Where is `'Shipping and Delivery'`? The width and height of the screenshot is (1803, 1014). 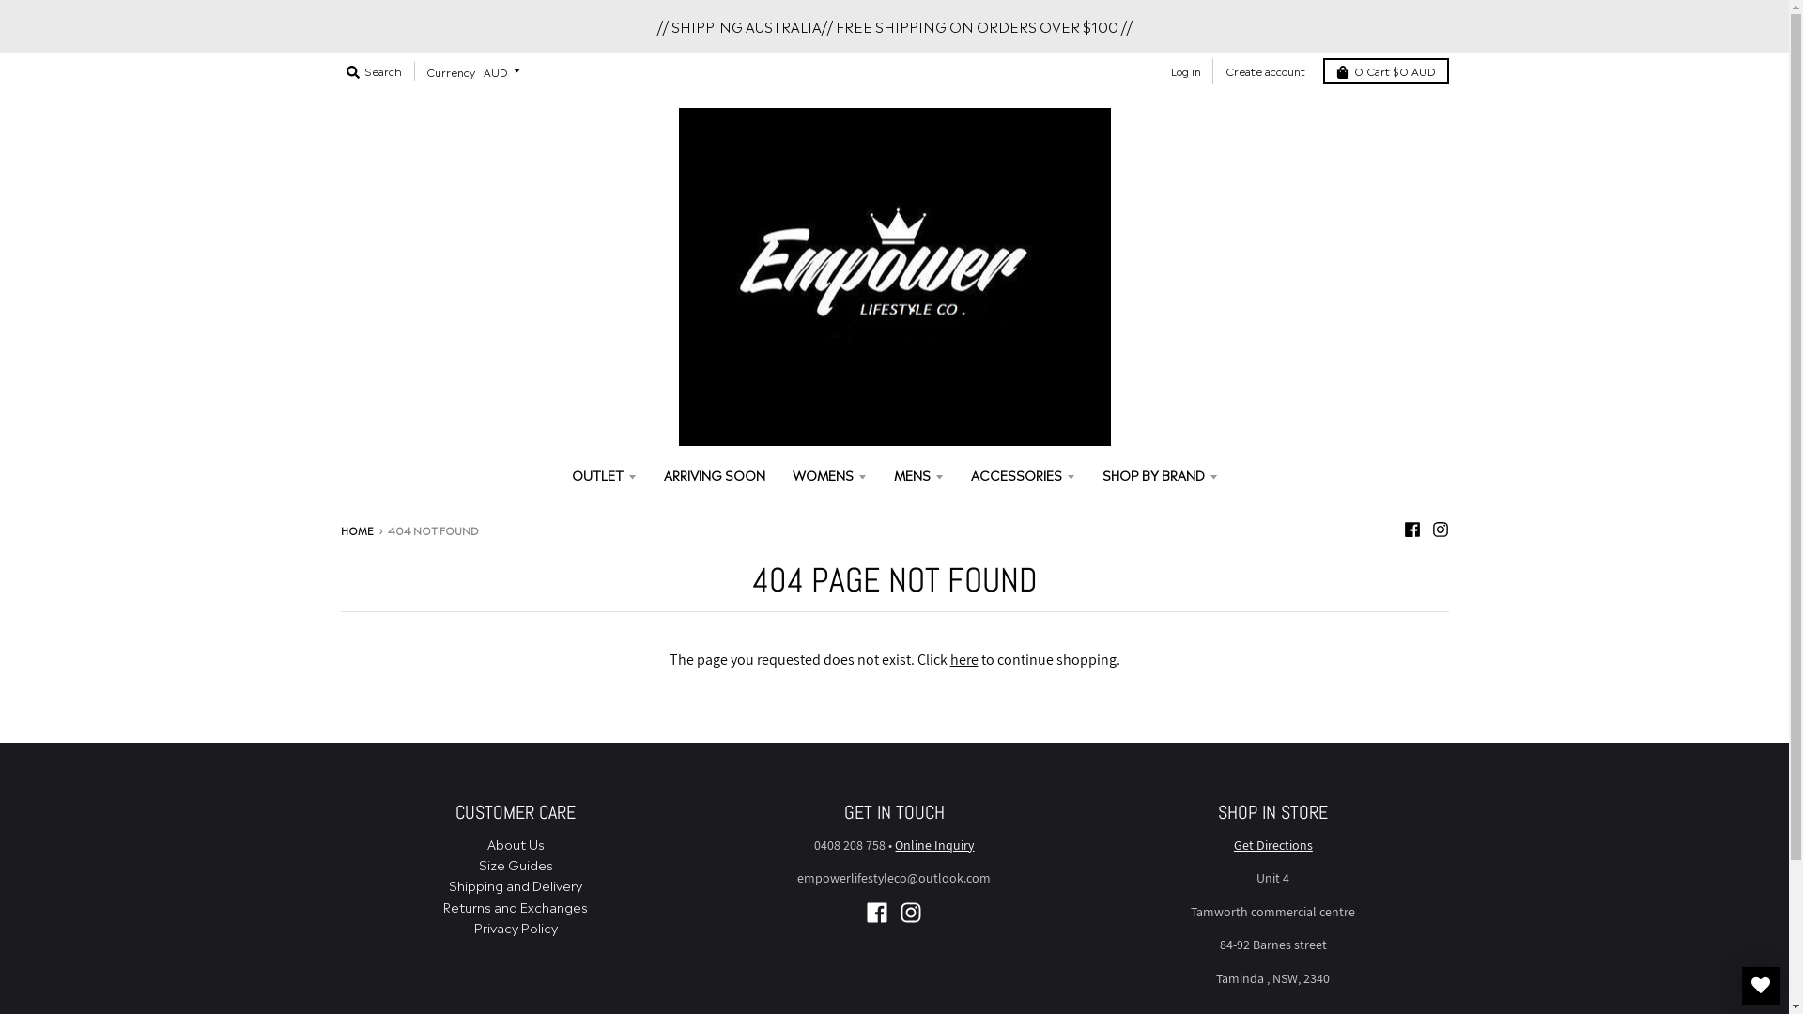 'Shipping and Delivery' is located at coordinates (515, 883).